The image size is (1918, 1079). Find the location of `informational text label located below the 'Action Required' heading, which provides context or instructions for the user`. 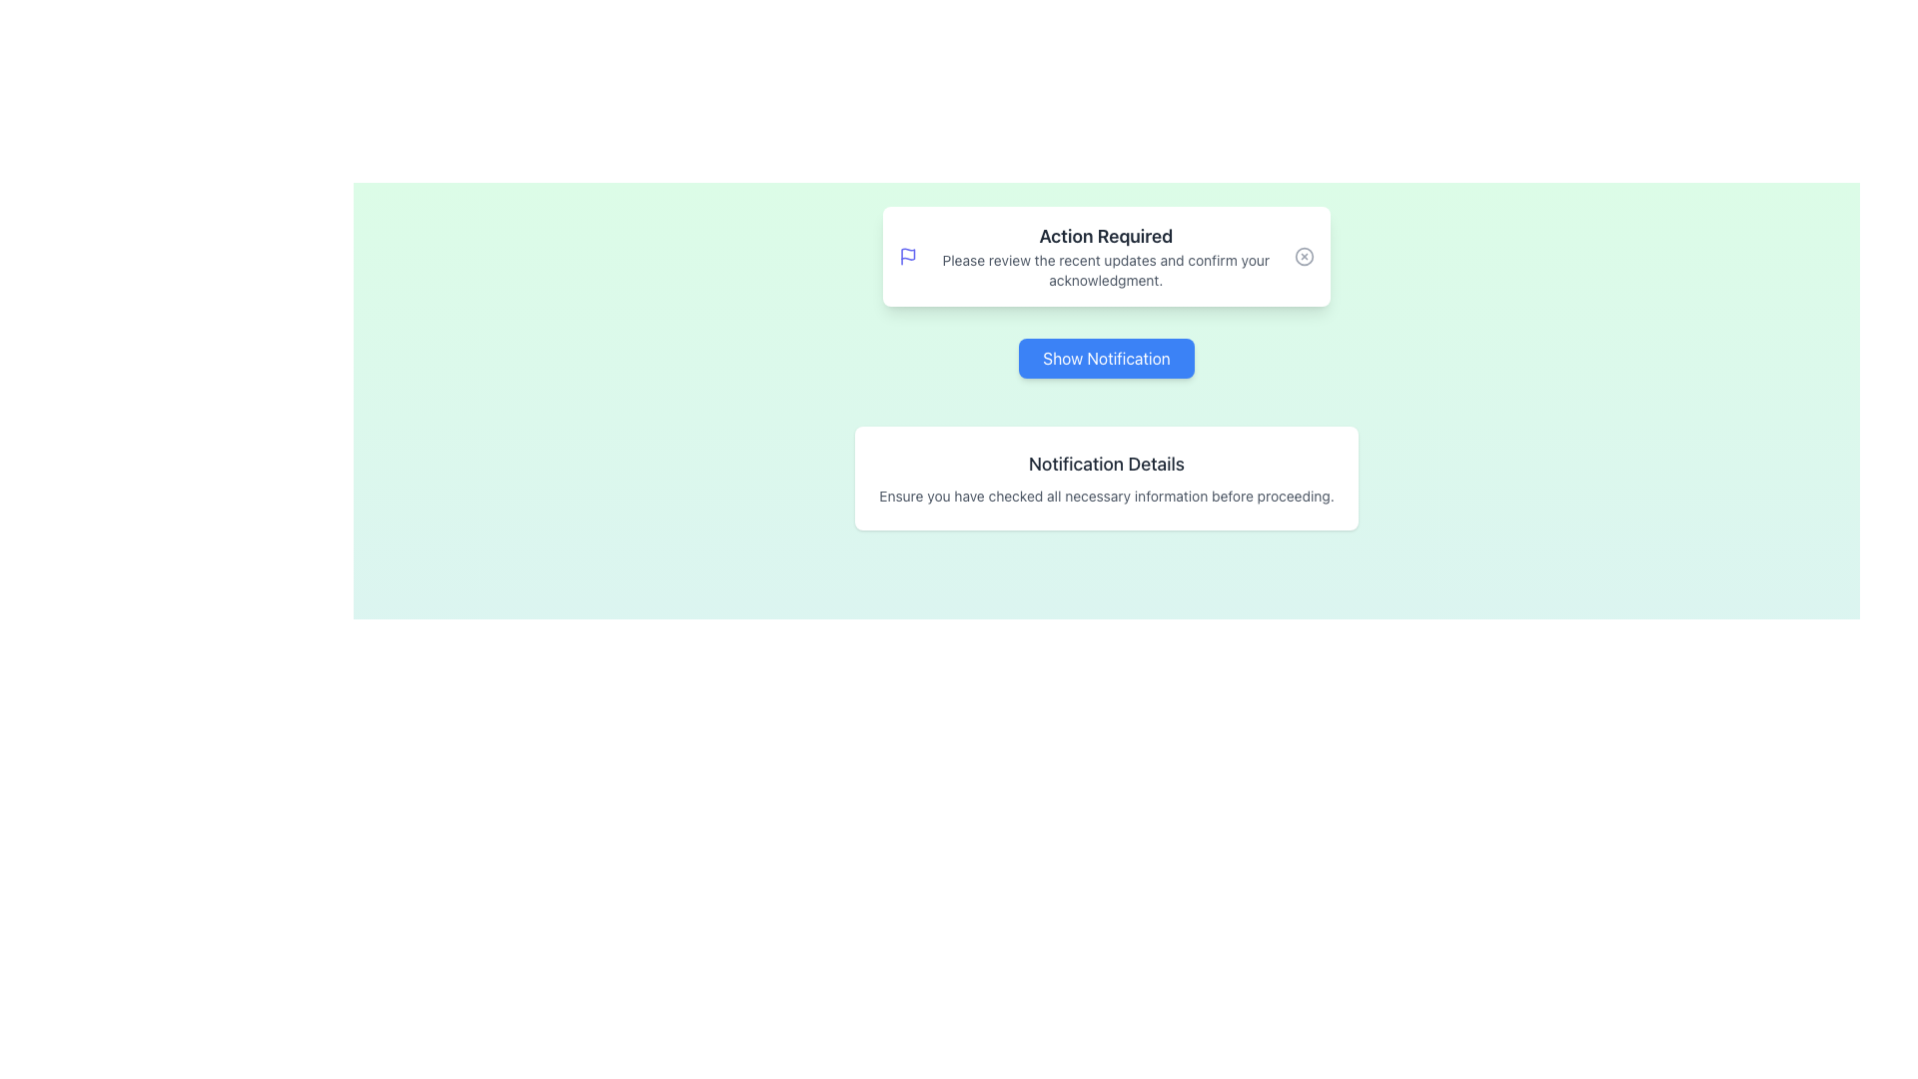

informational text label located below the 'Action Required' heading, which provides context or instructions for the user is located at coordinates (1105, 270).